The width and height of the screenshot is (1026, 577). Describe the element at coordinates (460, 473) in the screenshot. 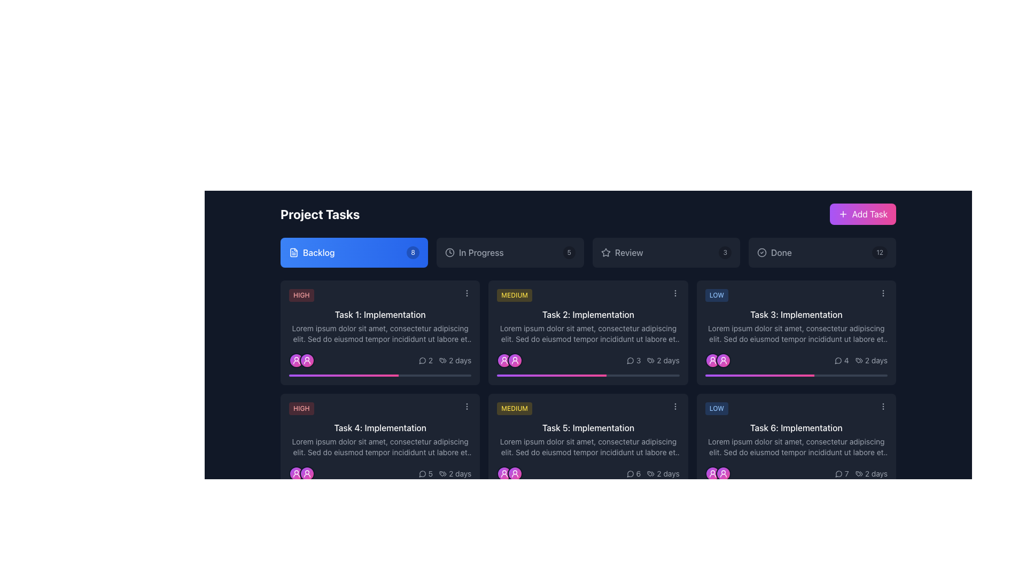

I see `text of the label displaying '2 days', which is styled in gray and positioned in the bottom row of the task card in the 'Project Tasks' interface` at that location.